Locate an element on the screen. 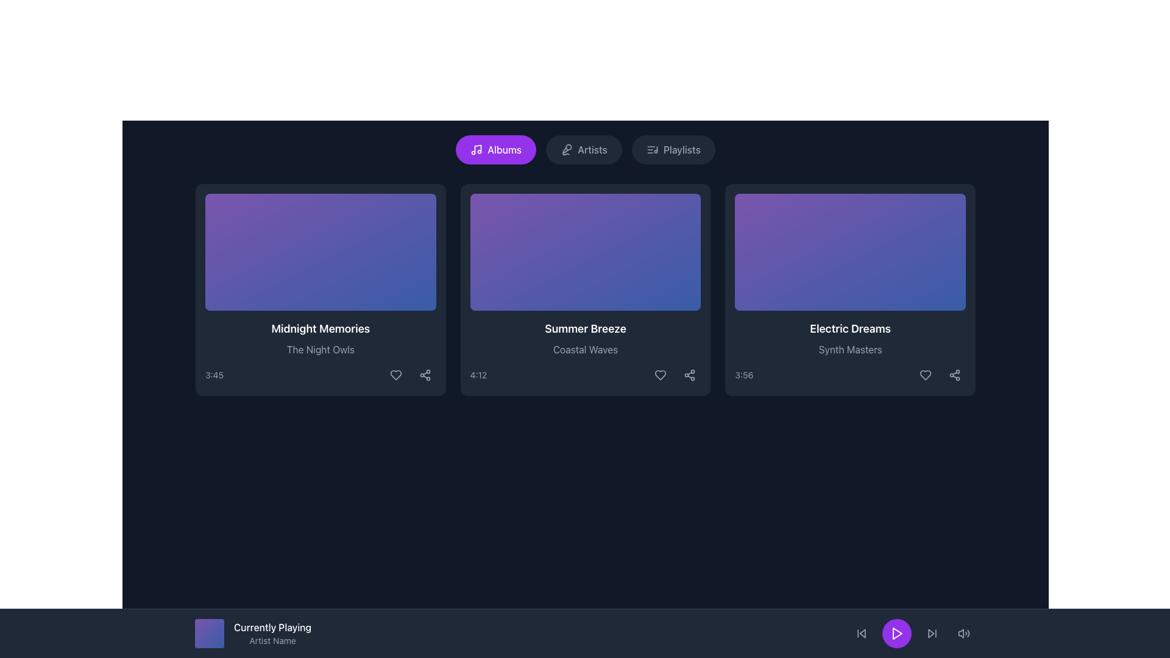  the play icon button, which is a circular button with a purple background containing a triangle play symbol, located at the bottom center of the interface near the playback controls, to initiate play is located at coordinates (897, 633).